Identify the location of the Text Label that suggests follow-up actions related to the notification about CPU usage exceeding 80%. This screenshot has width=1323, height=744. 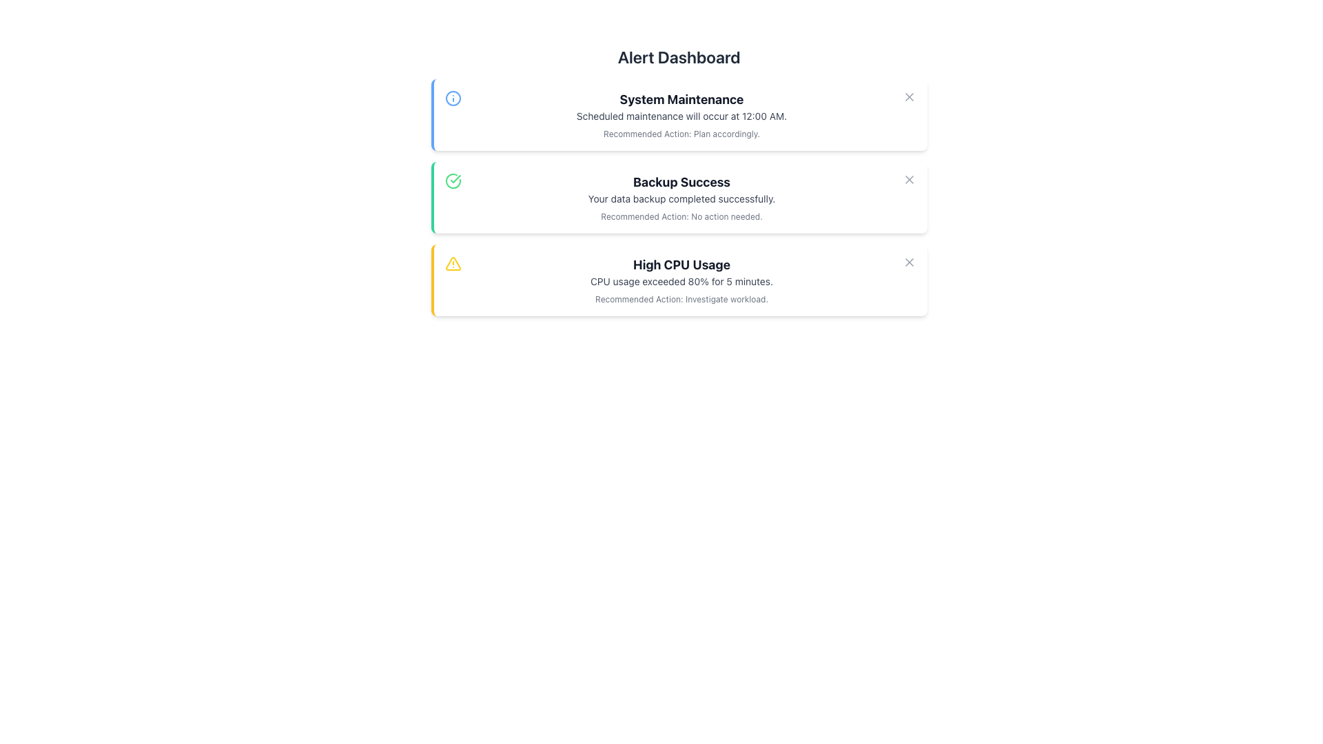
(681, 299).